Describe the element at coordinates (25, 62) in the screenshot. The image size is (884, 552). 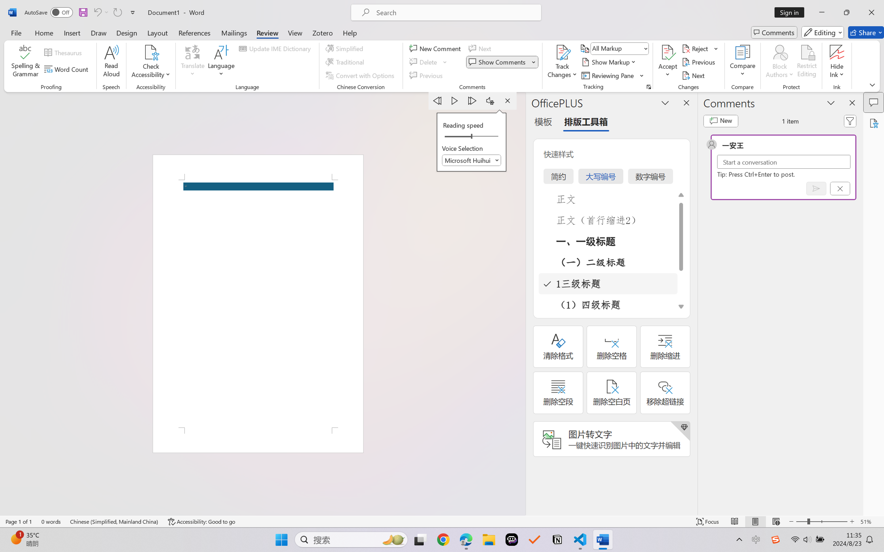
I see `'Spelling & Grammar'` at that location.